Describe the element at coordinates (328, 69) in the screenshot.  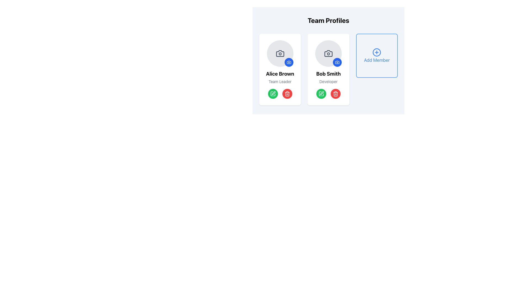
I see `the profile card element in the 'Team Profiles' section, which includes a circular camera icon, a bold name, and two circular buttons at the bottom` at that location.